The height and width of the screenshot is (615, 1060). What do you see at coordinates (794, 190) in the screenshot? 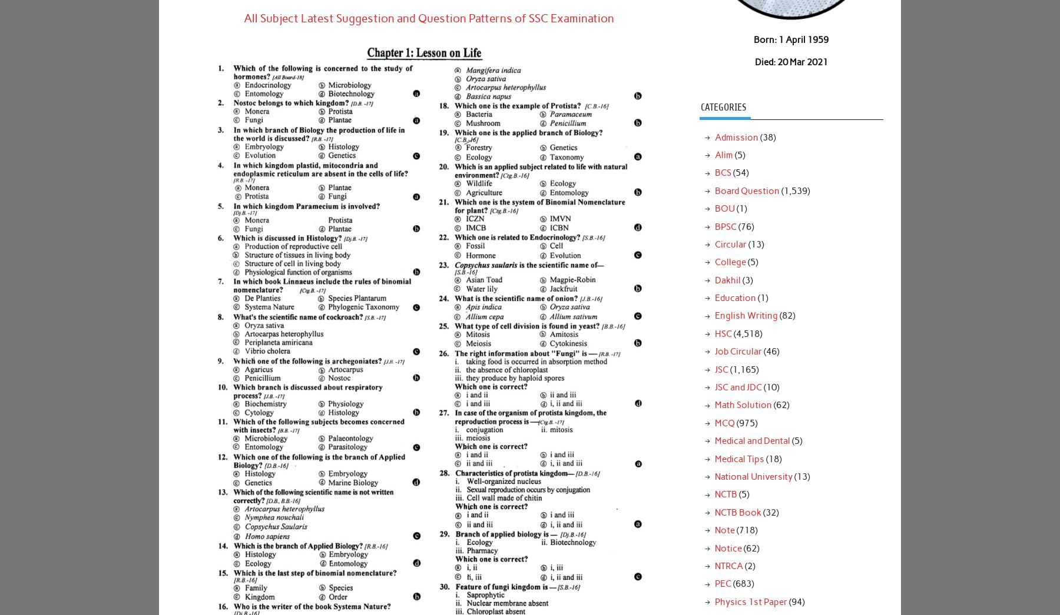
I see `'(1,539)'` at bounding box center [794, 190].